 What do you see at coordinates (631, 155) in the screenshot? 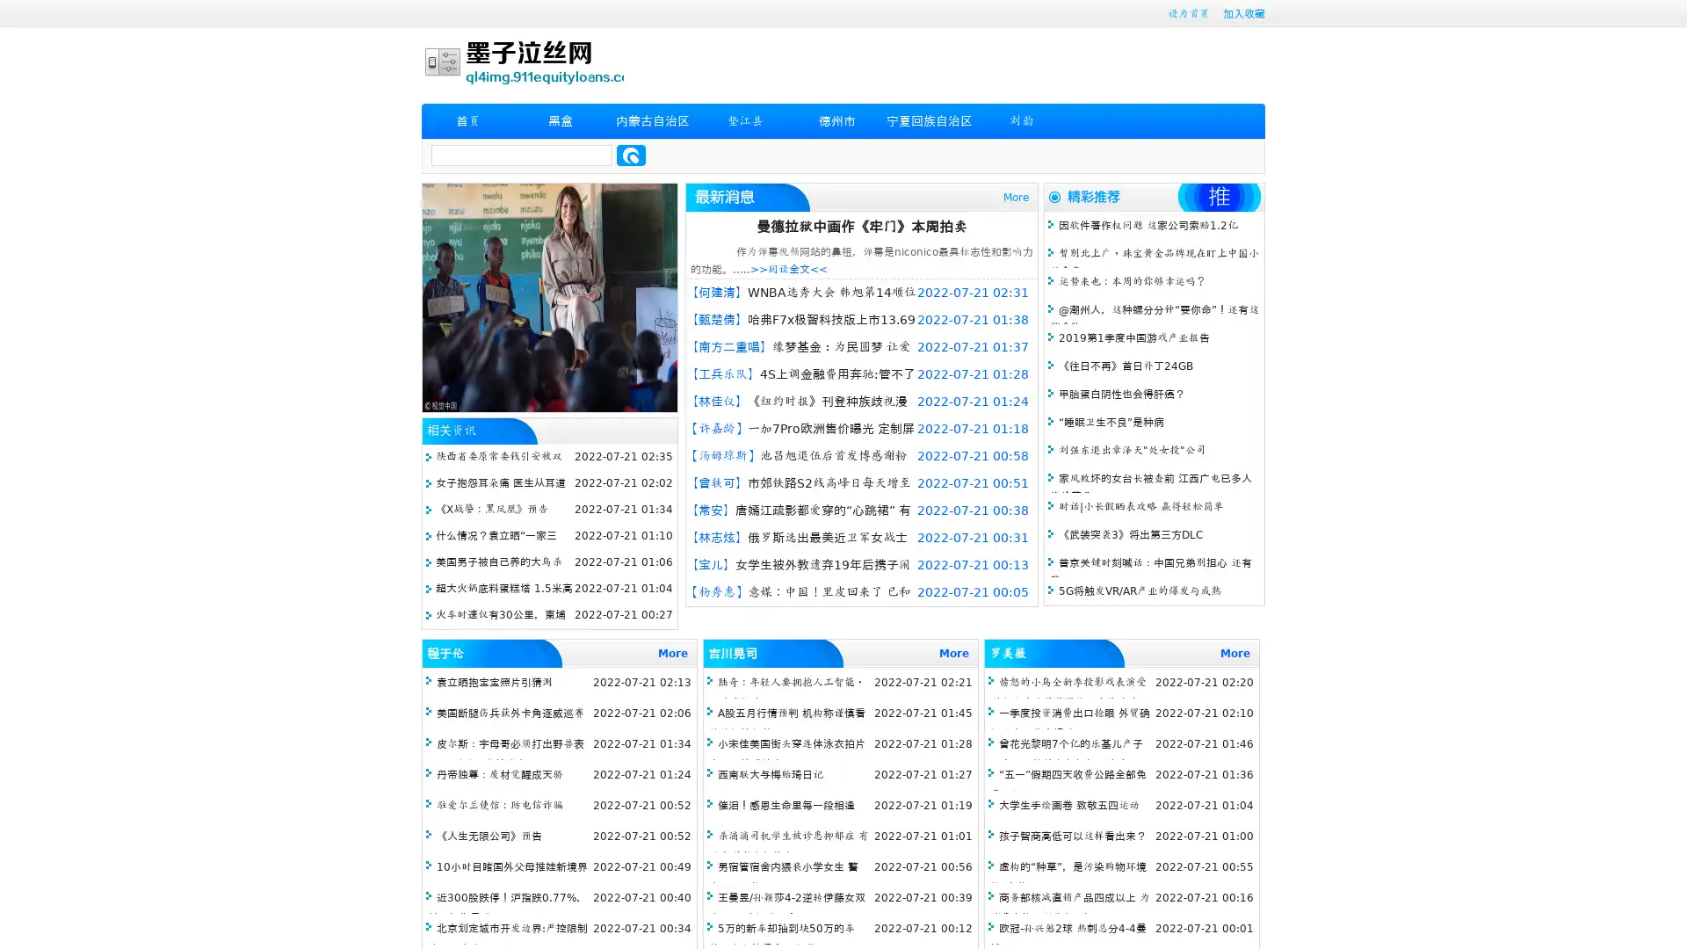
I see `Search` at bounding box center [631, 155].